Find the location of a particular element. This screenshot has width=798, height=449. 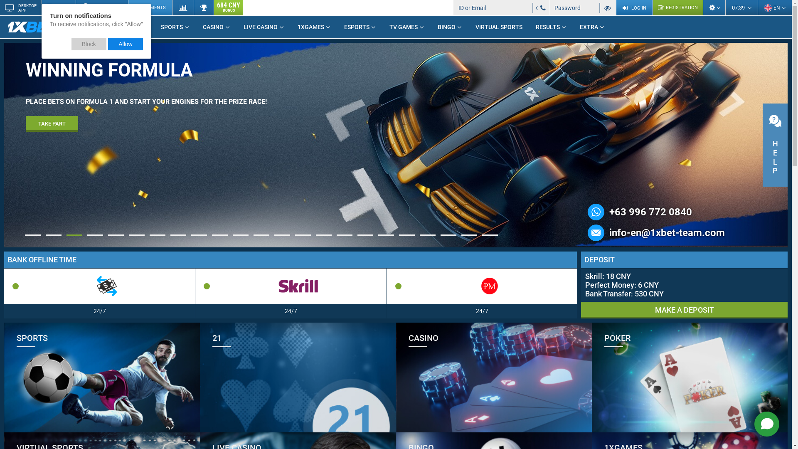

'ESPORTS' is located at coordinates (360, 27).